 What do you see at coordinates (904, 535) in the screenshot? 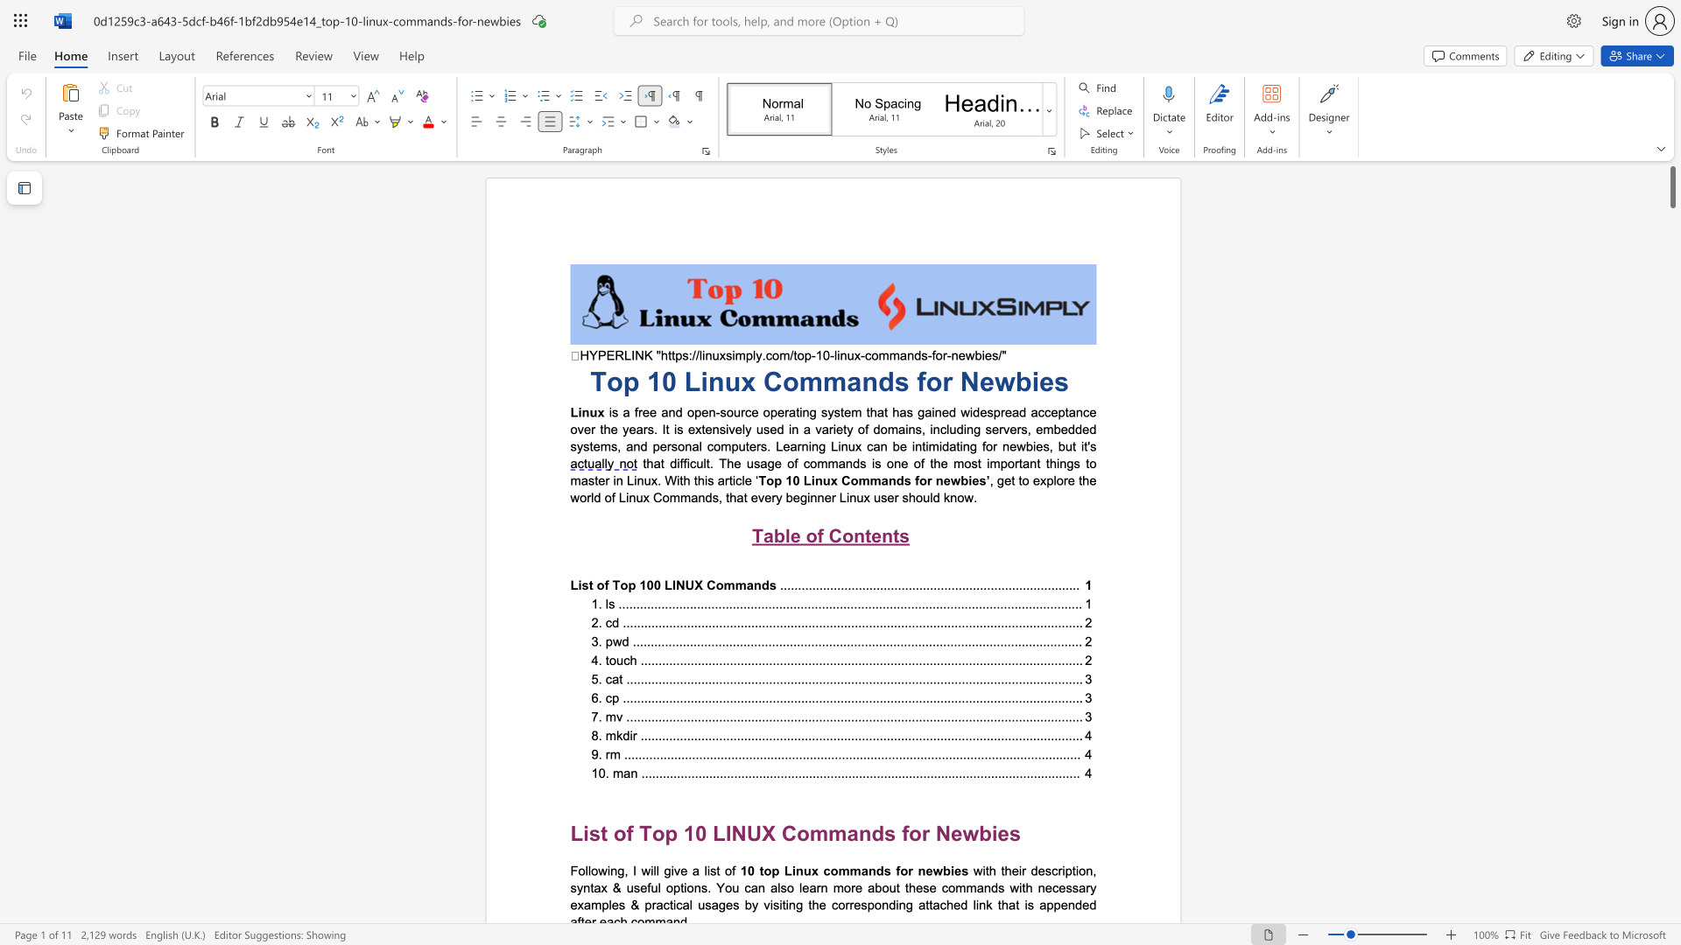
I see `the 1th character "s" in the text` at bounding box center [904, 535].